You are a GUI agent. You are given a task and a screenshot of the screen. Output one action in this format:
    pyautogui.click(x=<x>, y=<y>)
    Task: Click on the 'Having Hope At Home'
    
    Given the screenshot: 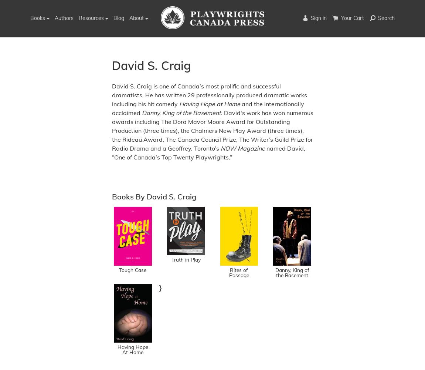 What is the action you would take?
    pyautogui.click(x=132, y=349)
    